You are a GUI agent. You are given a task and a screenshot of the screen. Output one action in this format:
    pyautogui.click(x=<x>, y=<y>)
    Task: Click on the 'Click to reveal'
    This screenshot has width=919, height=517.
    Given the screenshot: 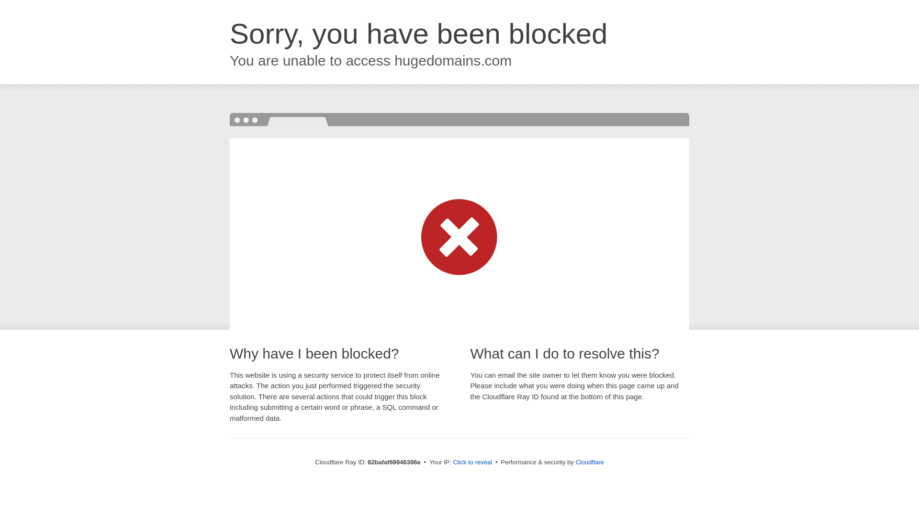 What is the action you would take?
    pyautogui.click(x=452, y=461)
    